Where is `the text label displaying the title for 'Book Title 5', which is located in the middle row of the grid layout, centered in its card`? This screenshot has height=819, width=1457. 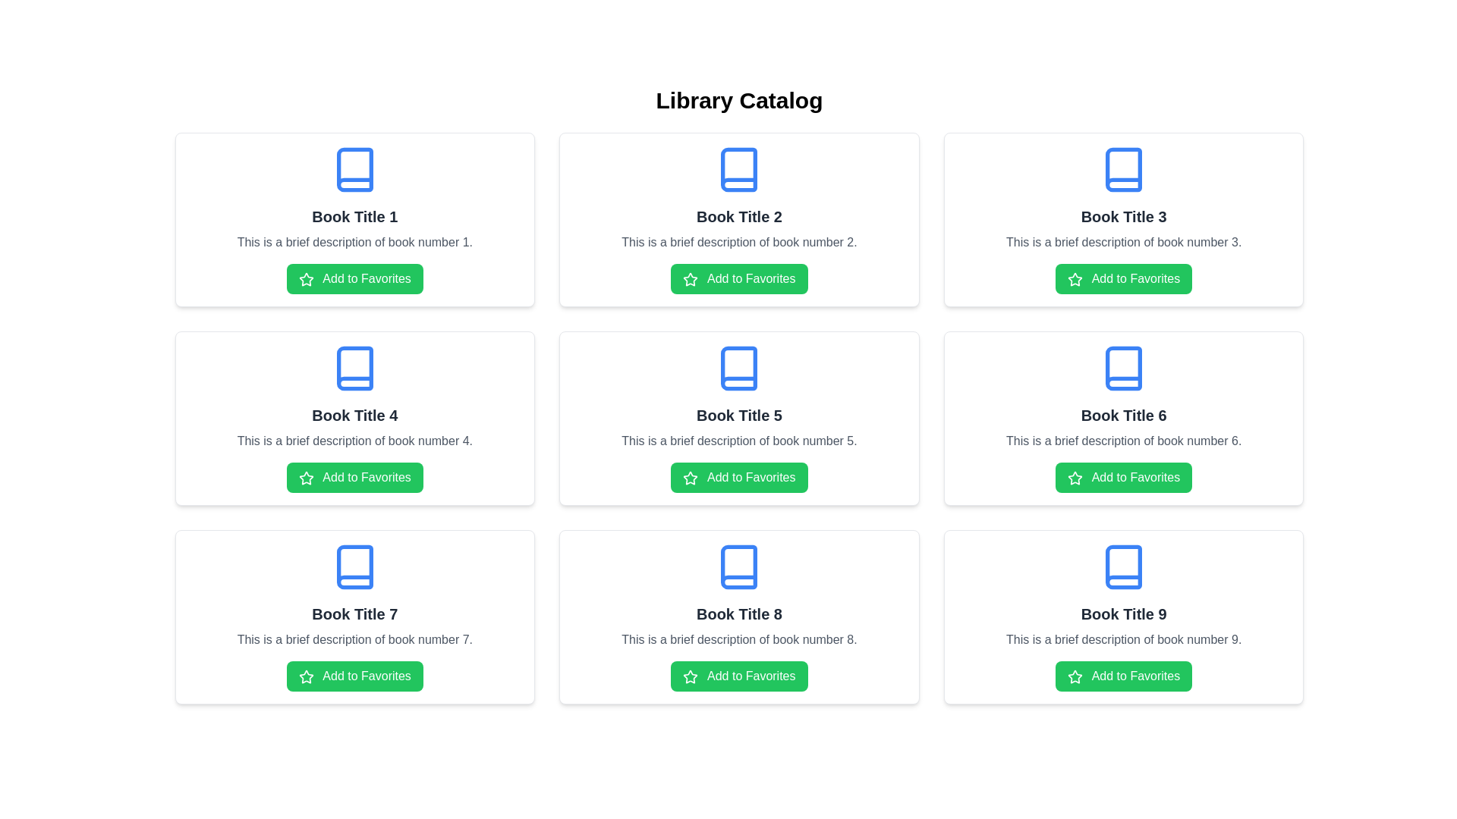 the text label displaying the title for 'Book Title 5', which is located in the middle row of the grid layout, centered in its card is located at coordinates (739, 415).